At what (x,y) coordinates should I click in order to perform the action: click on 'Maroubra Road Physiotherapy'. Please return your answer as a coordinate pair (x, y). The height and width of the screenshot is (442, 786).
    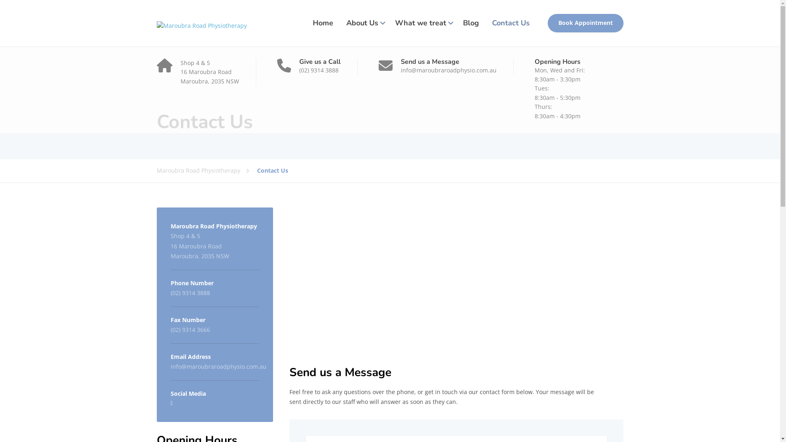
    Looking at the image, I should click on (201, 23).